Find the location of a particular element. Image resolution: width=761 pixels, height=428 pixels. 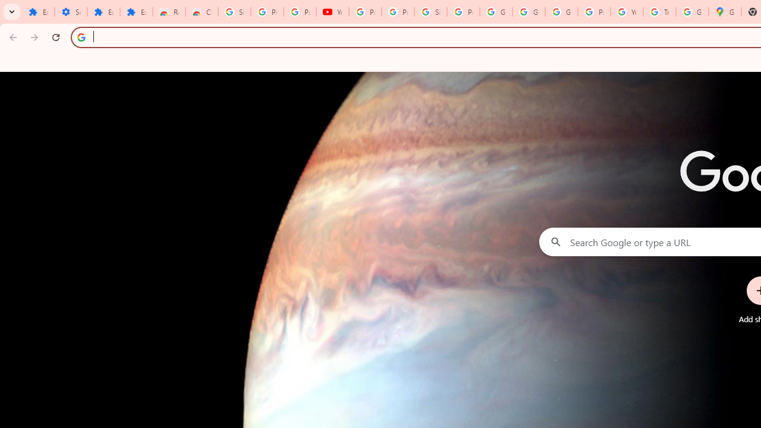

'Google Maps' is located at coordinates (724, 12).